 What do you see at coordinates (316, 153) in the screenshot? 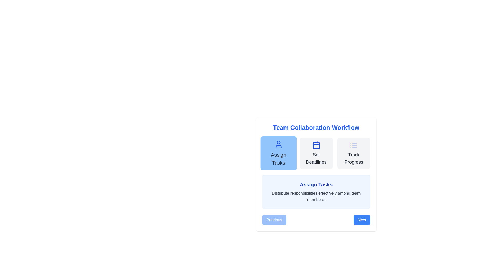
I see `the second selectable card representing the 'Set Deadlines' option in the workflow interface` at bounding box center [316, 153].